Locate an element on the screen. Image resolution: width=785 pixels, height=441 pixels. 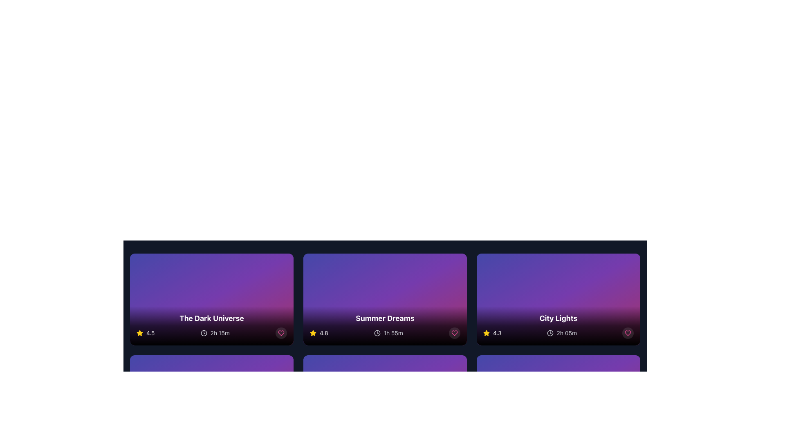
the SVG graphic element representing a clock that indicates the time duration related to the 'Summer Dreams' item, which is located below the text 'Summer Dreams' and to the left of a heart icon is located at coordinates (377, 333).